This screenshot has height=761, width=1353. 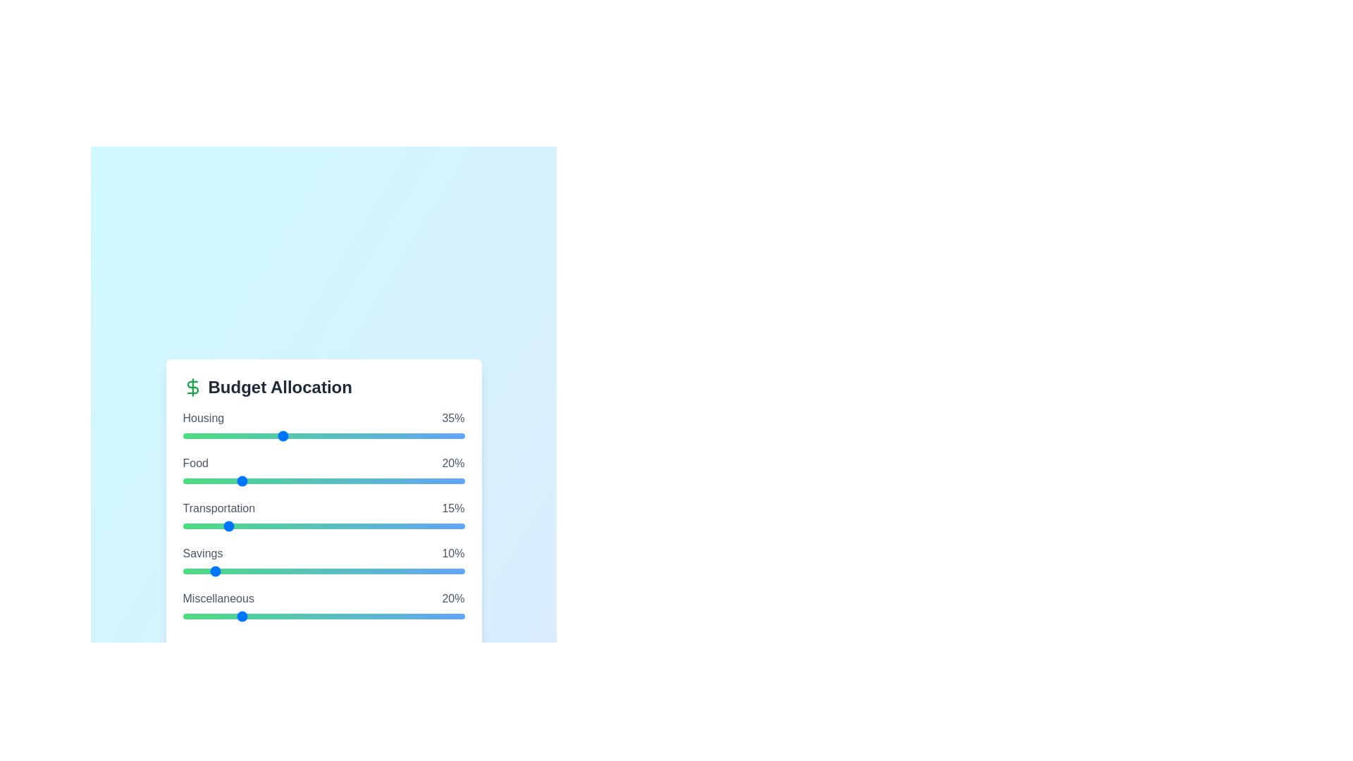 I want to click on the slider for a specific budget category to 5%, so click(x=196, y=435).